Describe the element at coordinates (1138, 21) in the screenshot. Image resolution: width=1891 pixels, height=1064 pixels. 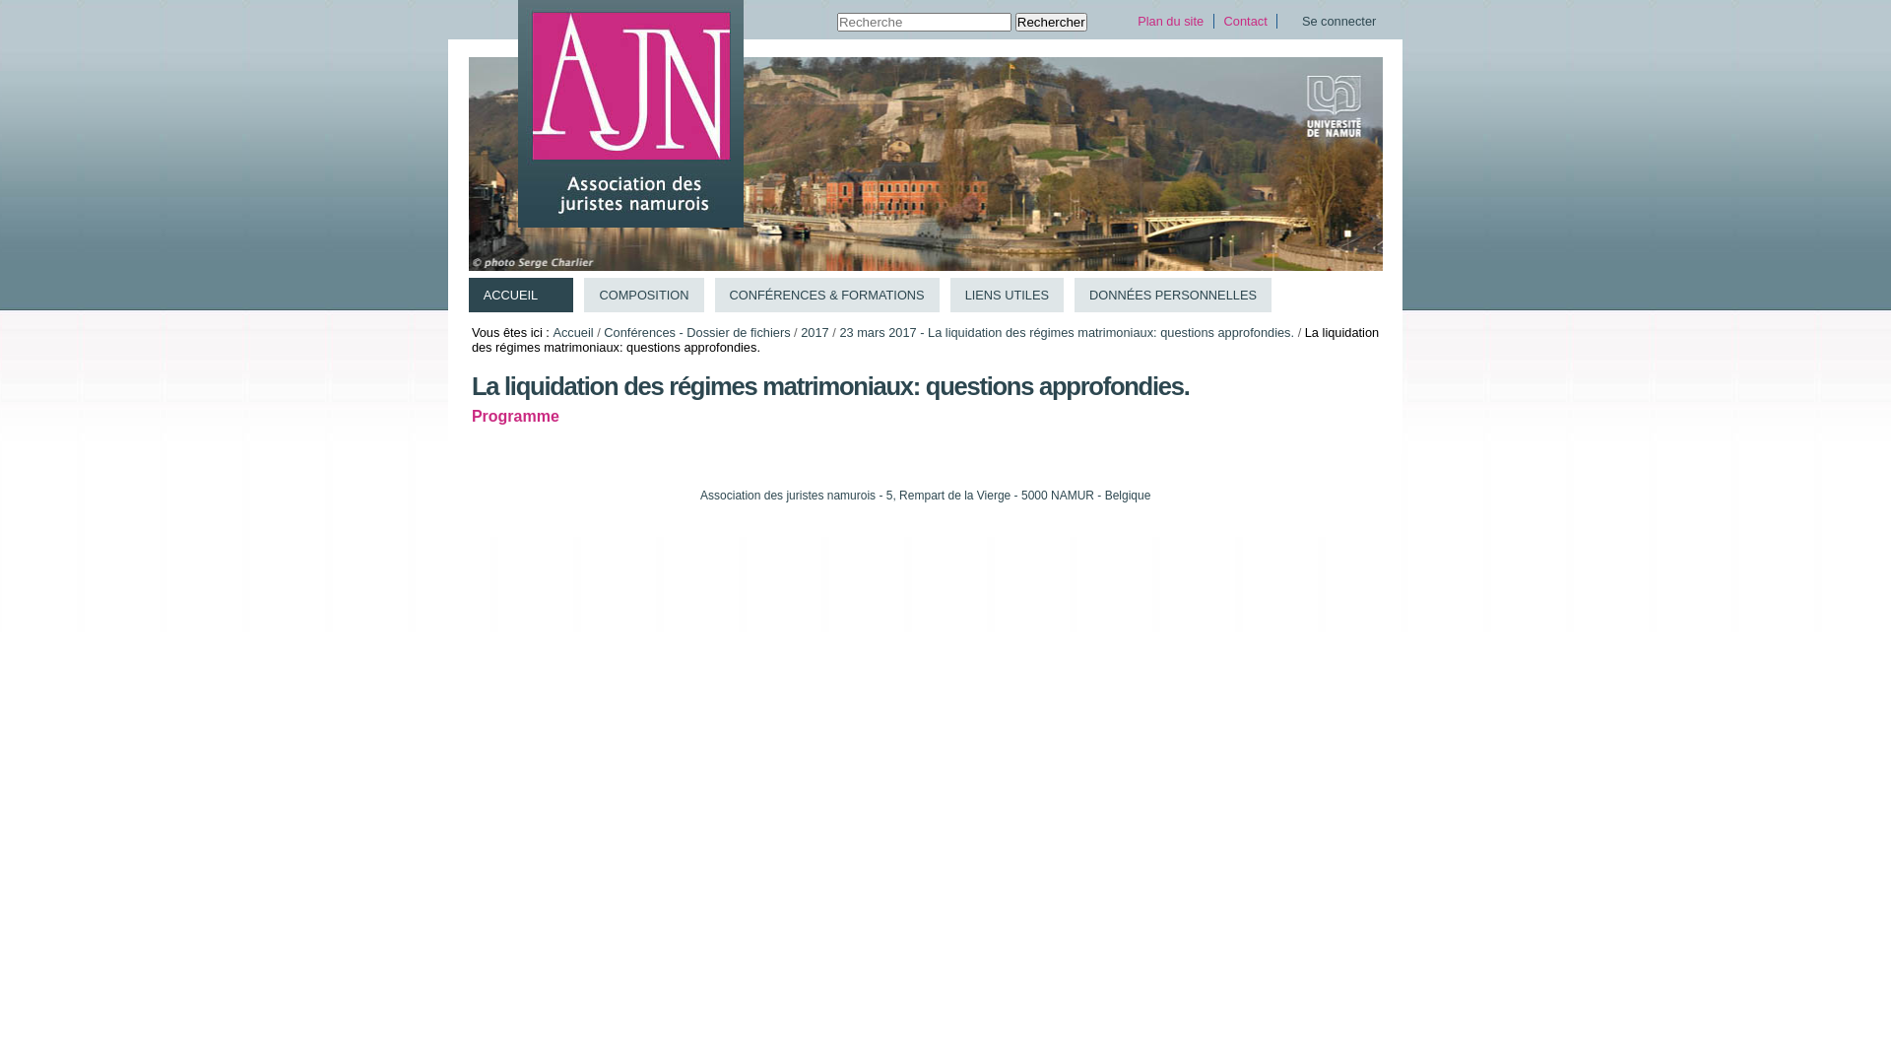
I see `'Plan du site'` at that location.